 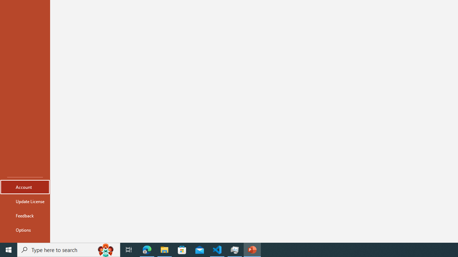 What do you see at coordinates (25, 230) in the screenshot?
I see `'Options'` at bounding box center [25, 230].